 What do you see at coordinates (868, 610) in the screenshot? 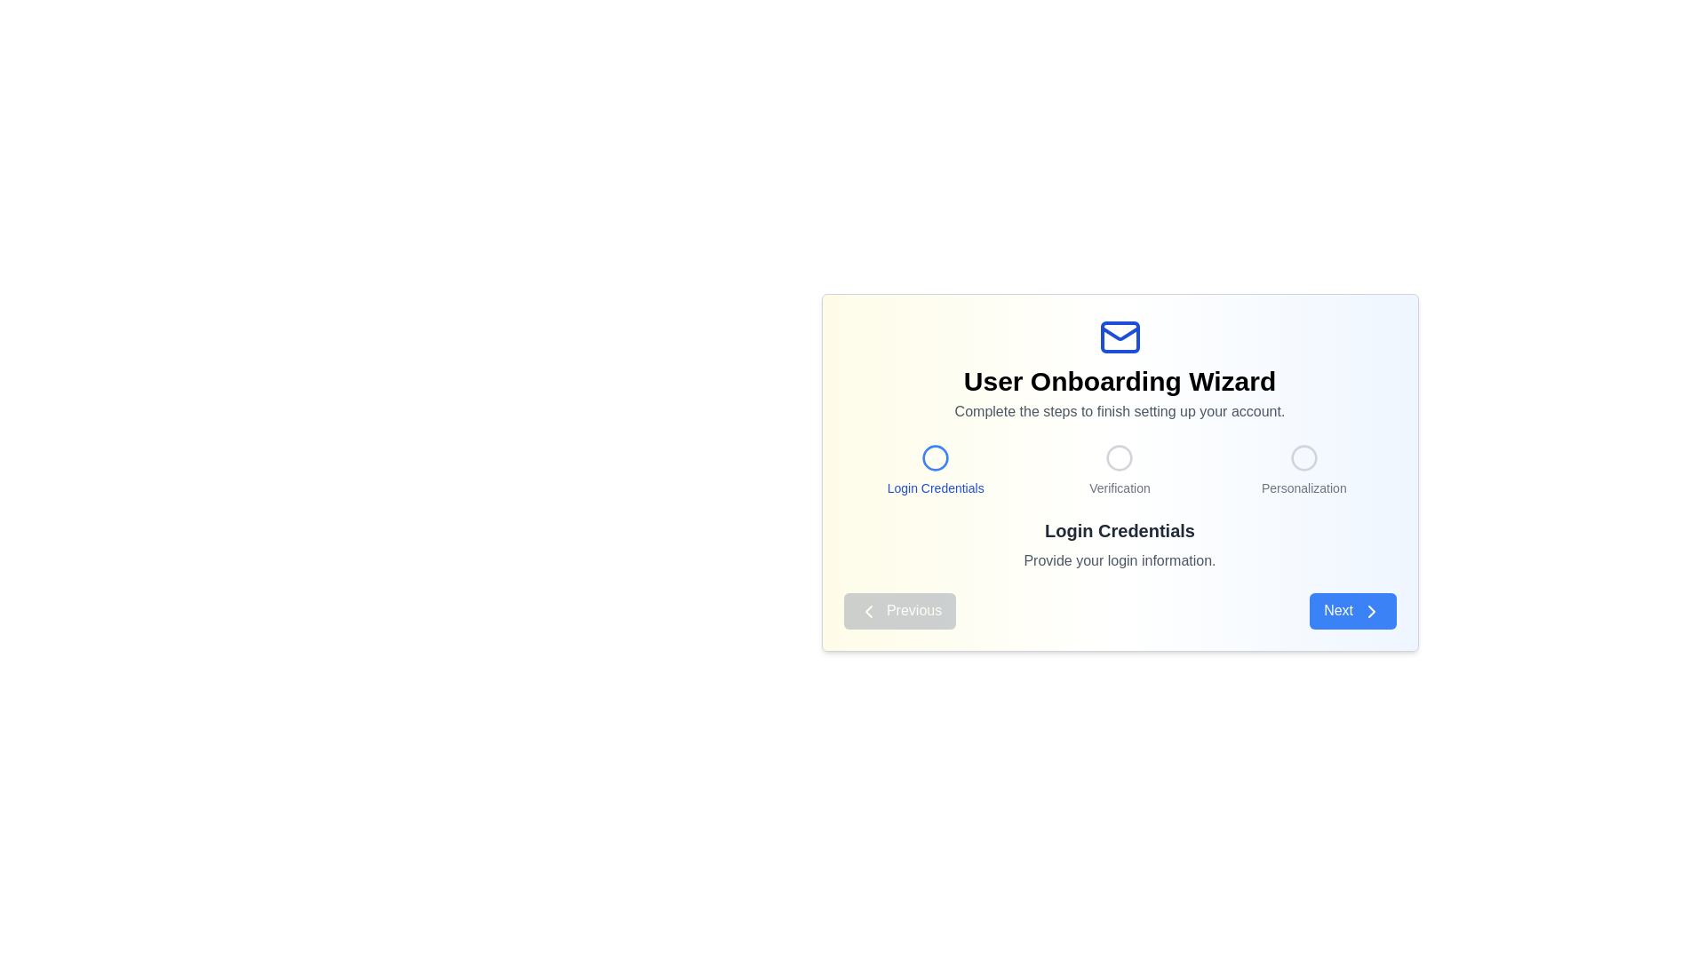
I see `the 'Previous' button that contains the chevron icon, which serves as a visual indicator for navigation to the previous step of the onboarding process` at bounding box center [868, 610].